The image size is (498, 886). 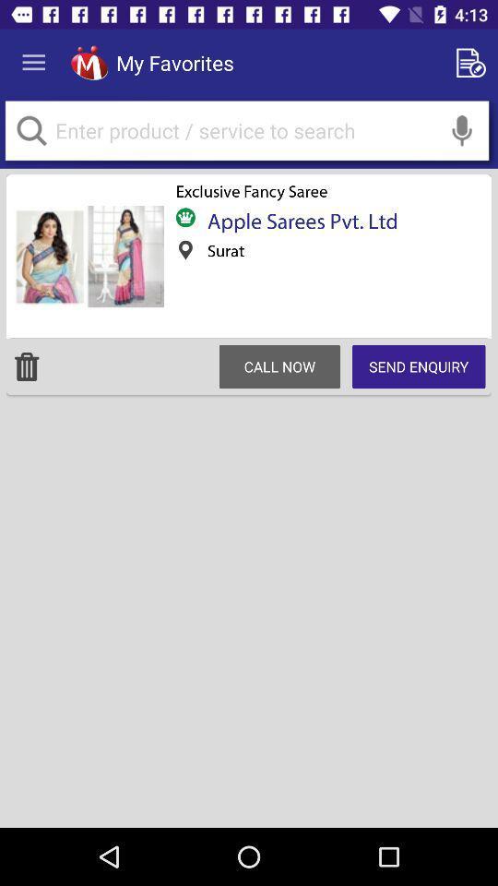 I want to click on the item next to the send enquiry item, so click(x=279, y=365).